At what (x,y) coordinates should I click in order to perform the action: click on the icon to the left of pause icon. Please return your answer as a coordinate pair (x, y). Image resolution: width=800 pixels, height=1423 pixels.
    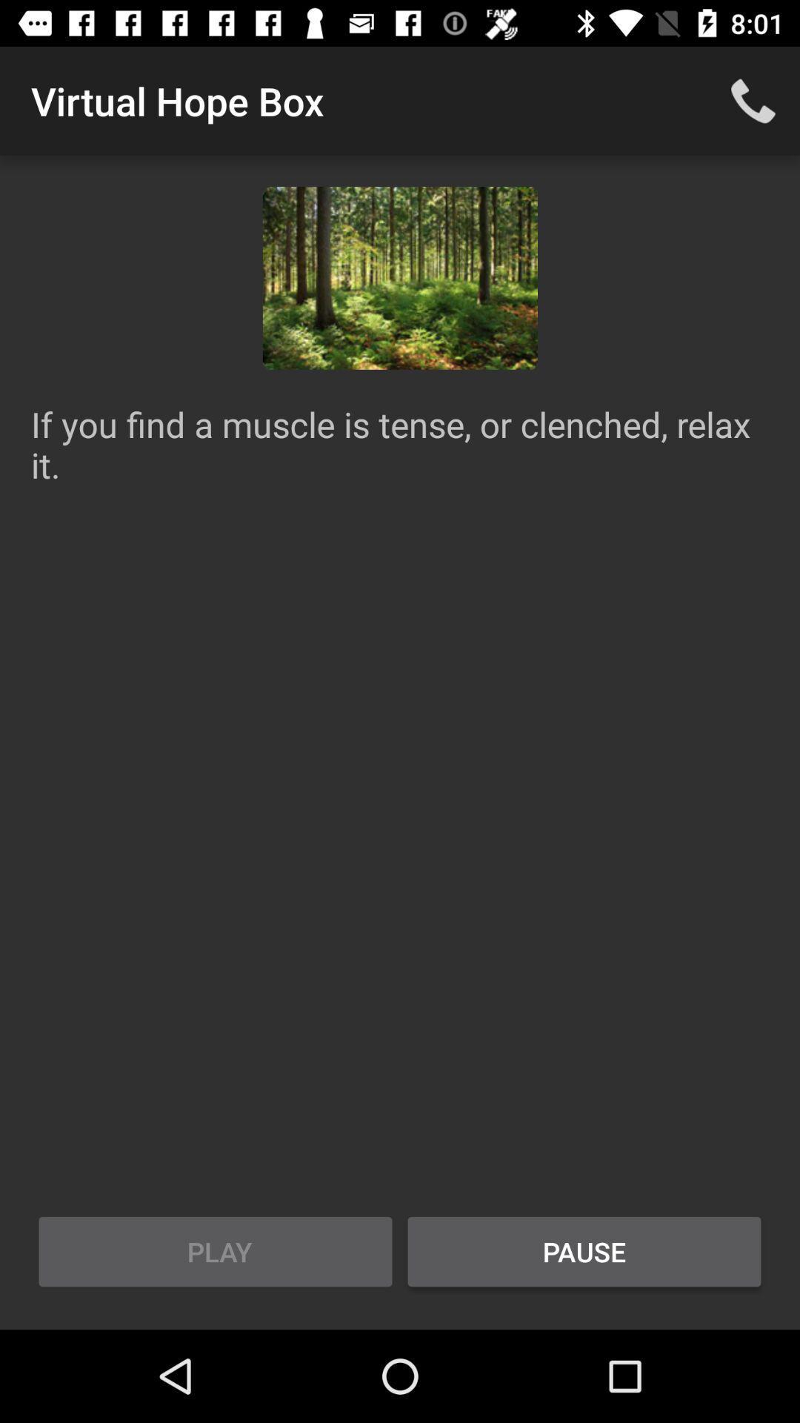
    Looking at the image, I should click on (215, 1251).